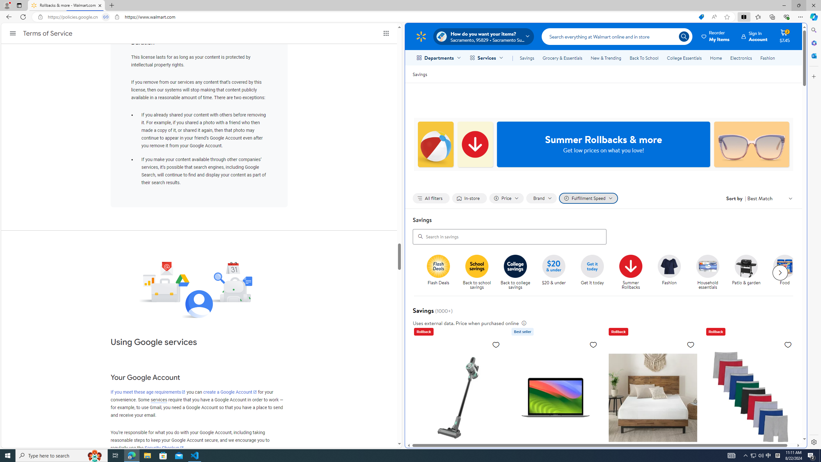 The image size is (821, 462). I want to click on 'Class: ld ld-ChevronDown pa0 ml6', so click(791, 198).